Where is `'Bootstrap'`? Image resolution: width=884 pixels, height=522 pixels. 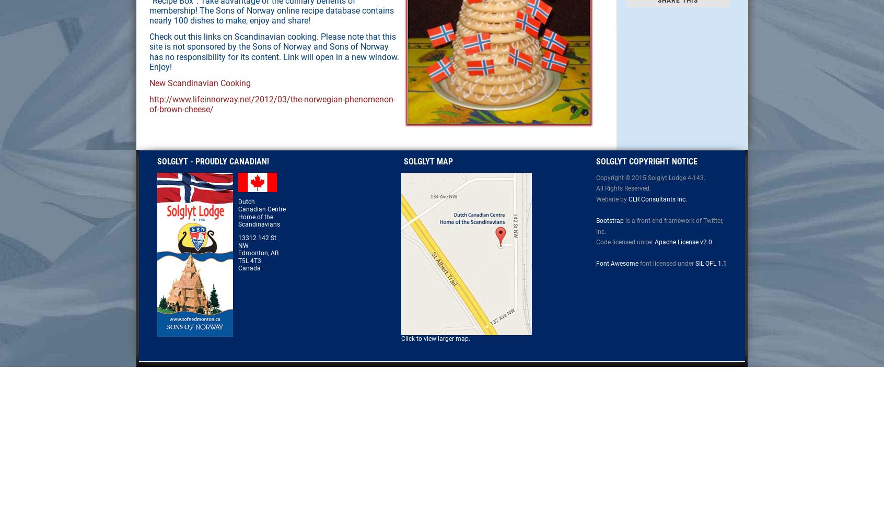
'Bootstrap' is located at coordinates (609, 221).